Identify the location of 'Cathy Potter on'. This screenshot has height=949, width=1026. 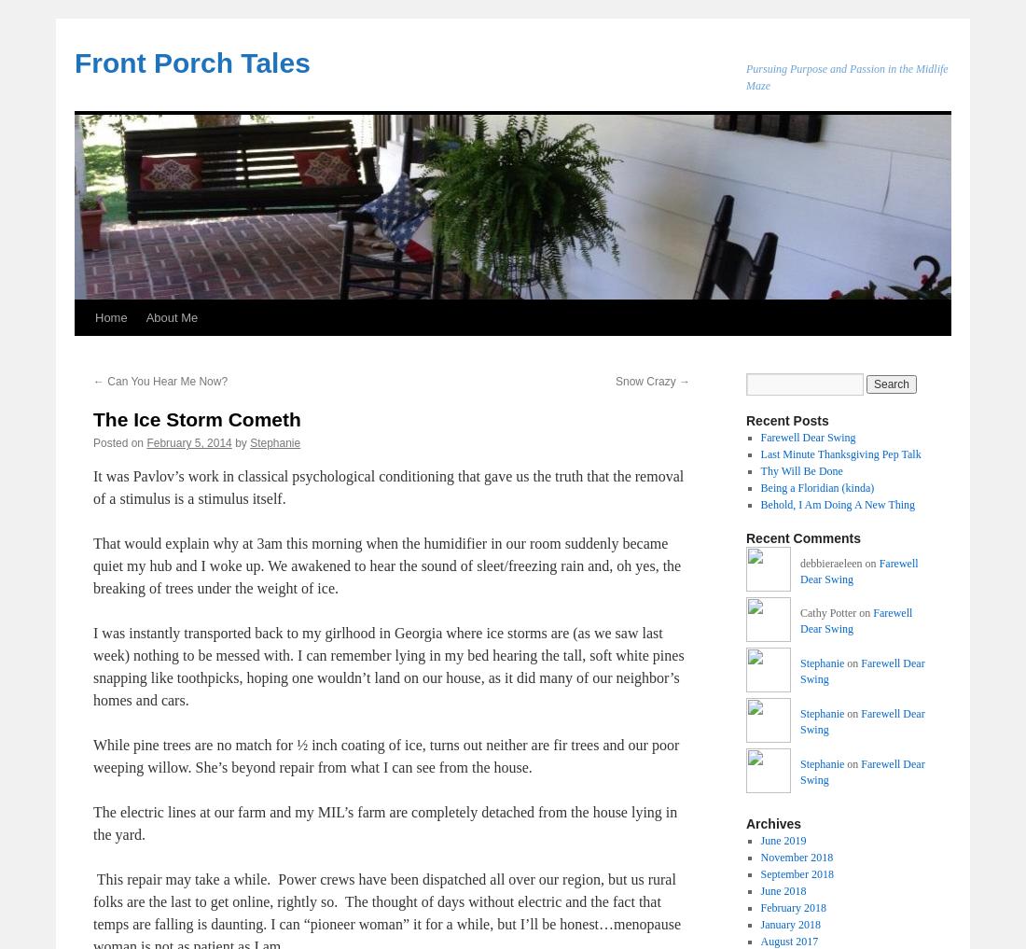
(837, 612).